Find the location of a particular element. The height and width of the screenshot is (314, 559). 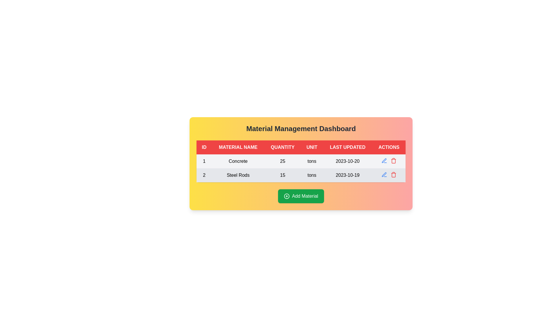

the 'Material Name' column header in the table, which is the second column header located between the 'ID' and 'QUANTITY' columns is located at coordinates (238, 147).